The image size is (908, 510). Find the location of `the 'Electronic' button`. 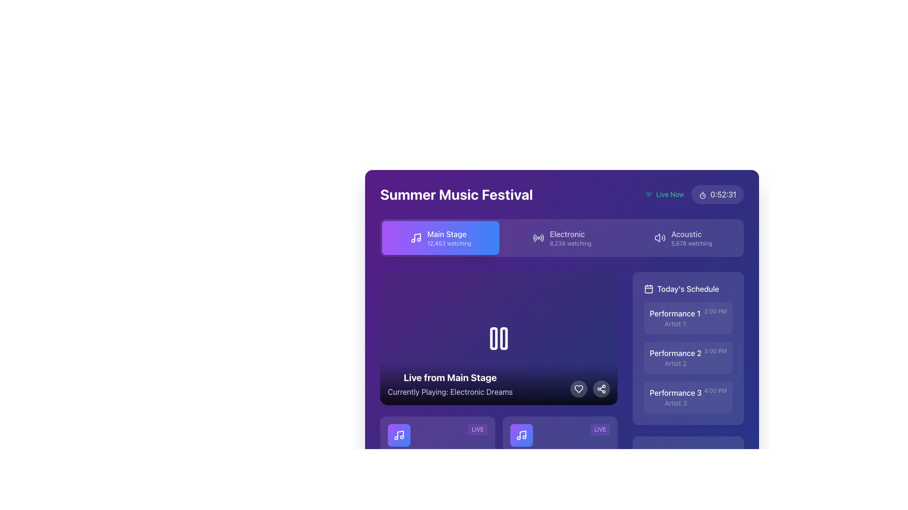

the 'Electronic' button is located at coordinates (562, 238).